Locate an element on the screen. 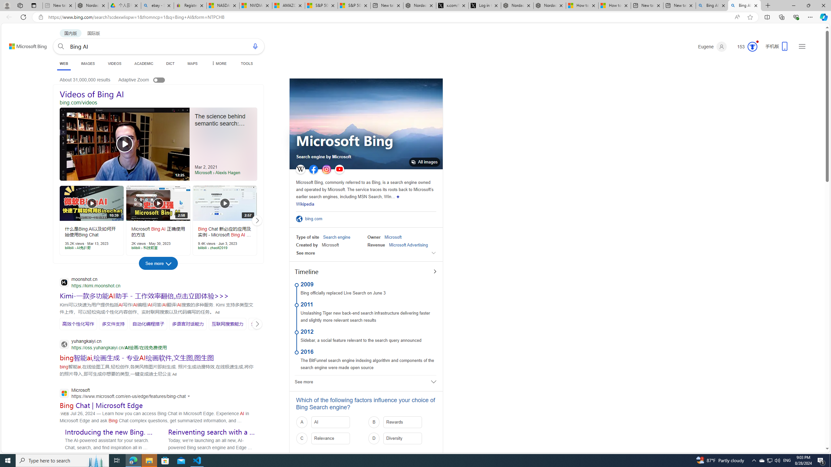  'Type of site' is located at coordinates (307, 237).